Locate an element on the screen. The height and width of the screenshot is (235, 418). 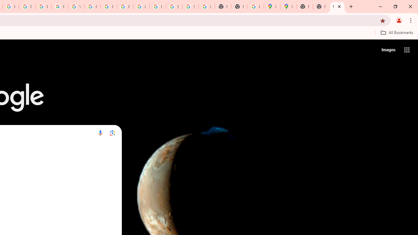
'Google Maps' is located at coordinates (288, 7).